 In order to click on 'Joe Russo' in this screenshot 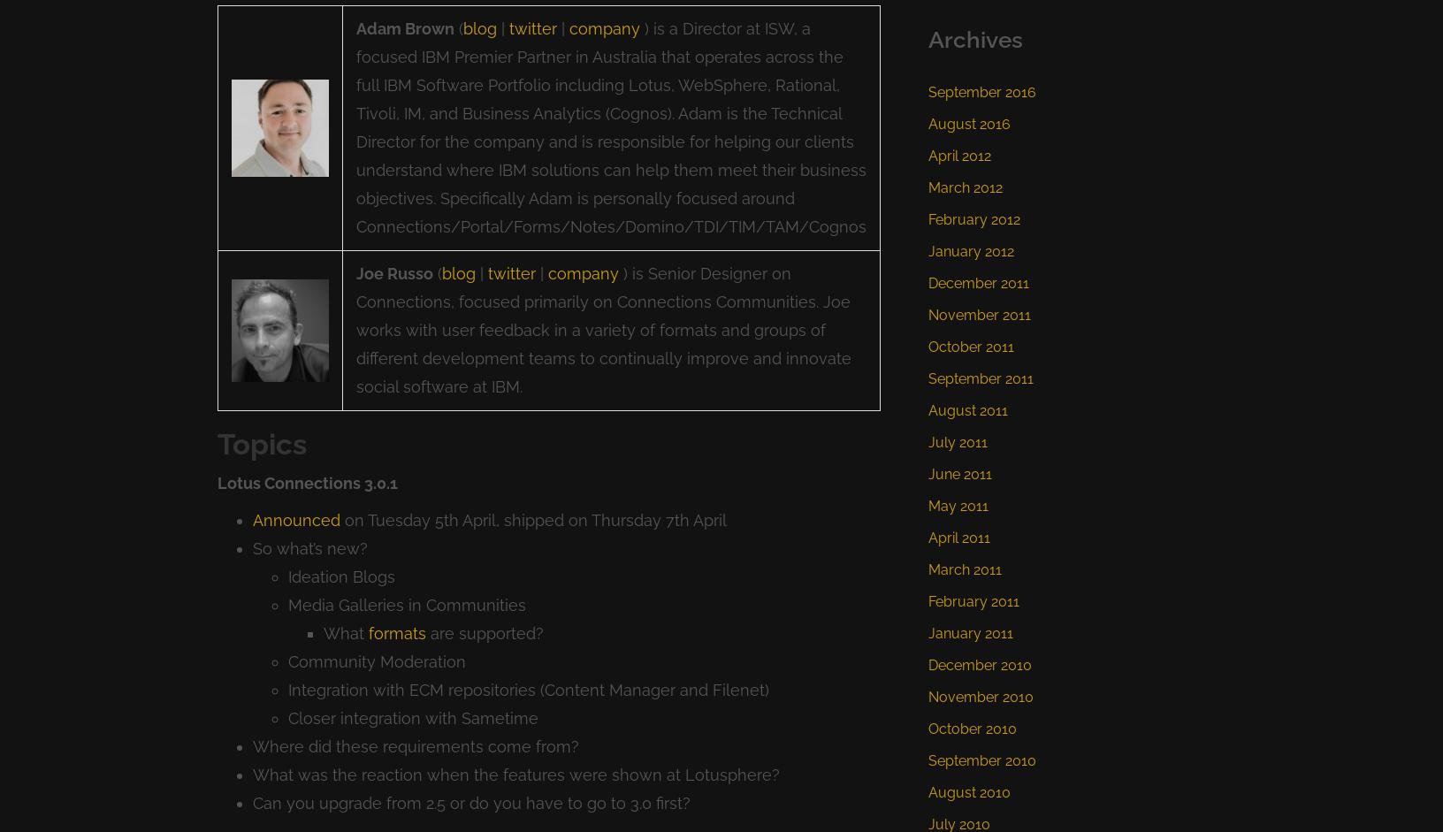, I will do `click(393, 271)`.